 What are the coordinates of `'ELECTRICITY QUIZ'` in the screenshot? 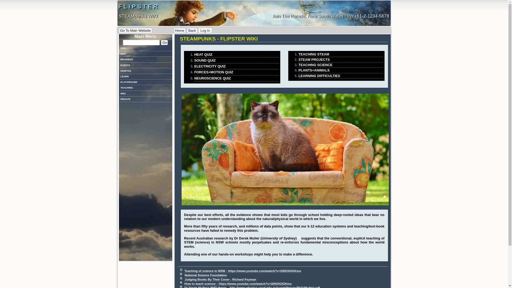 It's located at (236, 66).